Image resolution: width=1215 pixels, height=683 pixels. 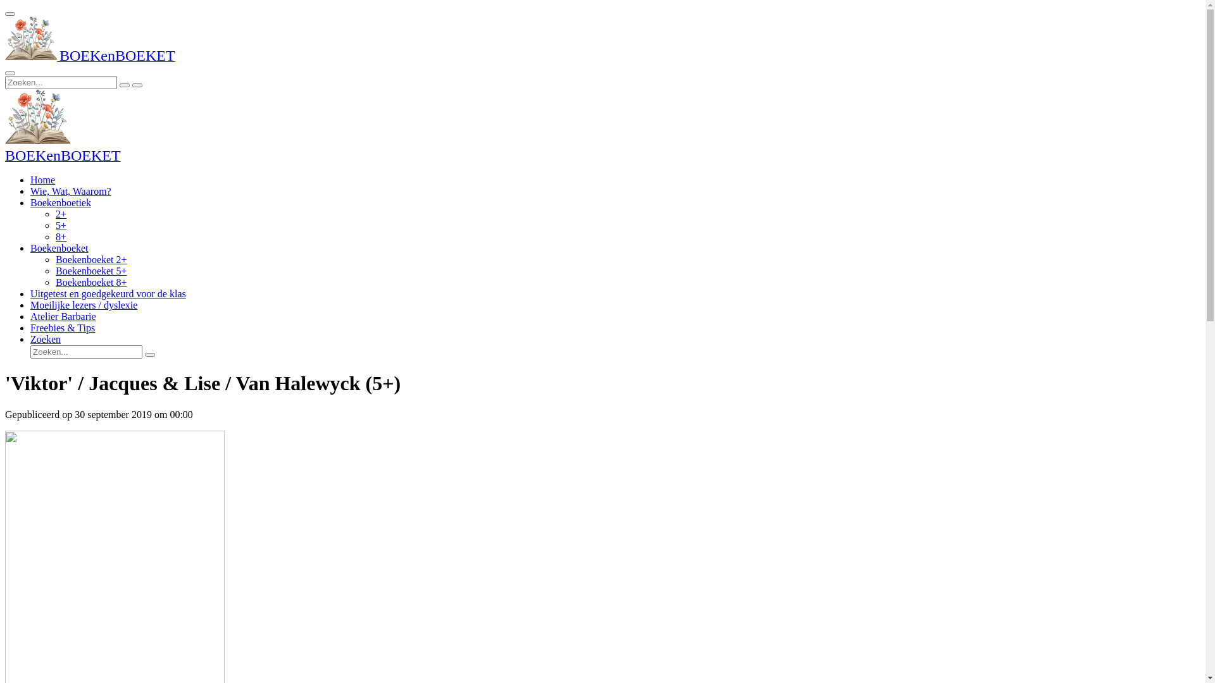 I want to click on '2+', so click(x=60, y=213).